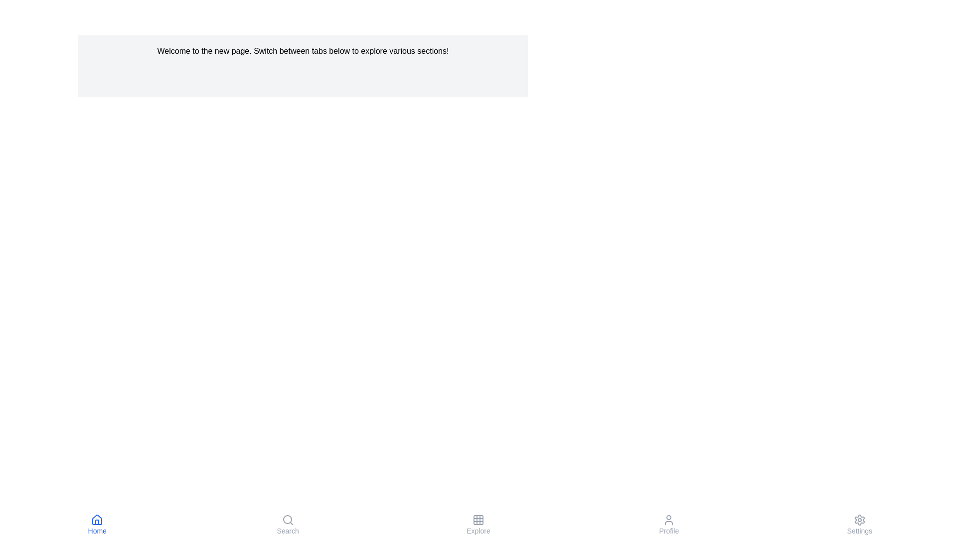 The width and height of the screenshot is (957, 538). I want to click on the descriptive text label for the home icon located in the bottom navigation bar, centered horizontally beneath the icon, so click(97, 530).